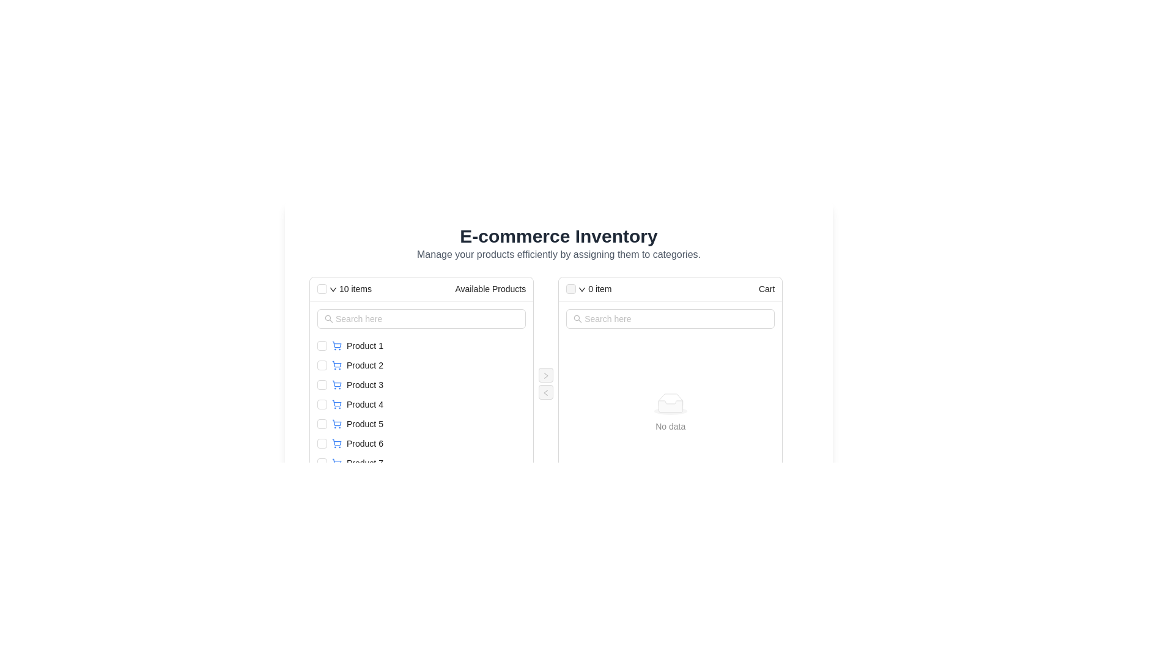 This screenshot has height=660, width=1174. Describe the element at coordinates (545, 392) in the screenshot. I see `the left arrow icon button, which is a red arrow pointing left, located between the 'Available Products' and 'Cart' panels` at that location.